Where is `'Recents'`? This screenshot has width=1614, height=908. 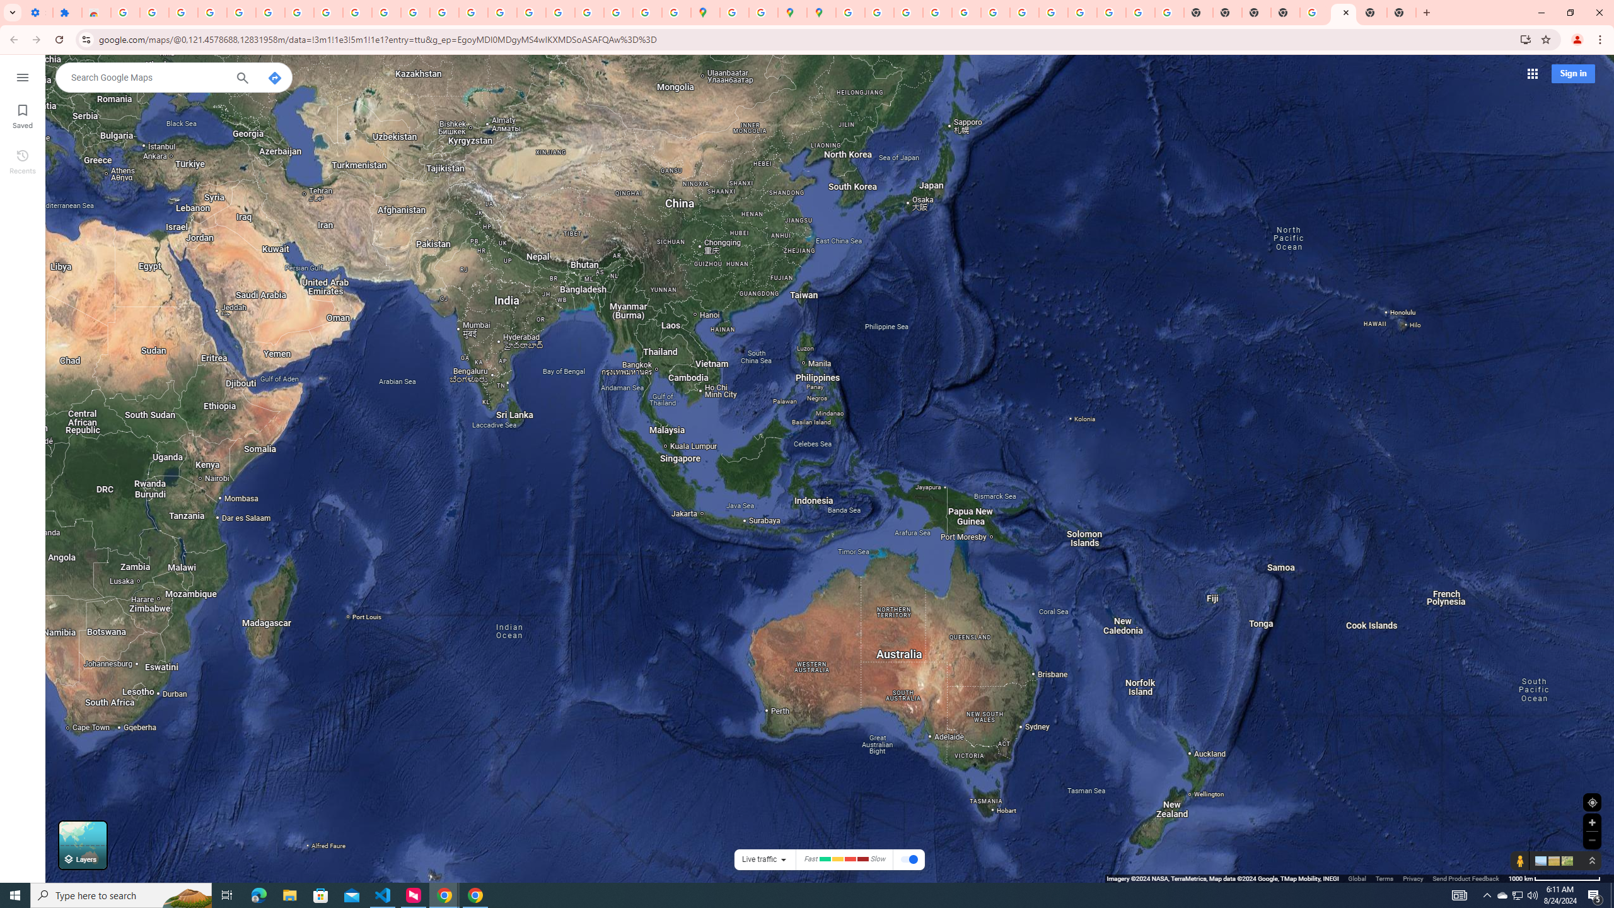 'Recents' is located at coordinates (21, 160).